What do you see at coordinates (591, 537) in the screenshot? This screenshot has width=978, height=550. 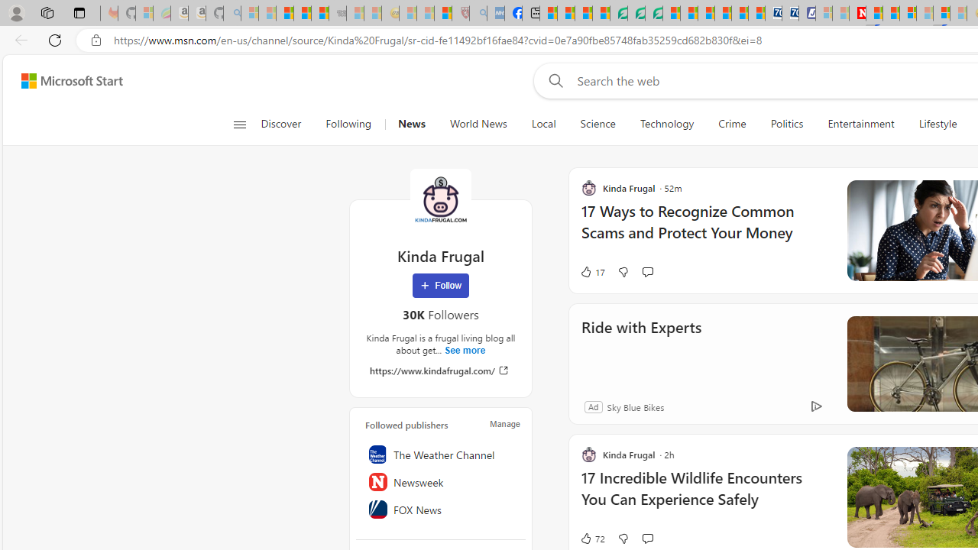 I see `'72 Like'` at bounding box center [591, 537].